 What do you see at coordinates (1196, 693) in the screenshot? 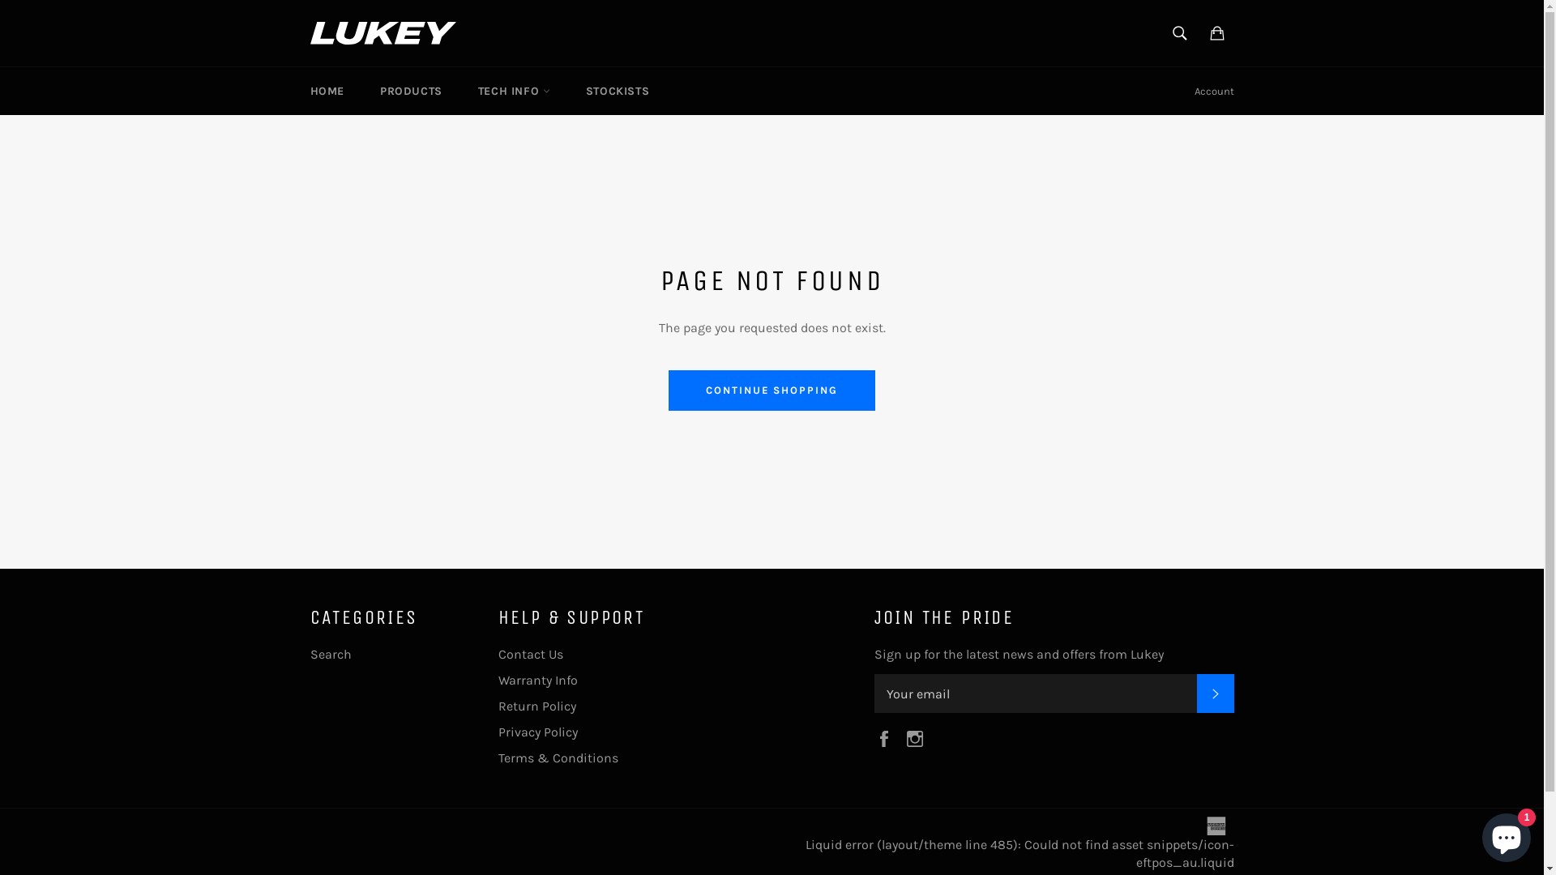
I see `'SUBSCRIBE'` at bounding box center [1196, 693].